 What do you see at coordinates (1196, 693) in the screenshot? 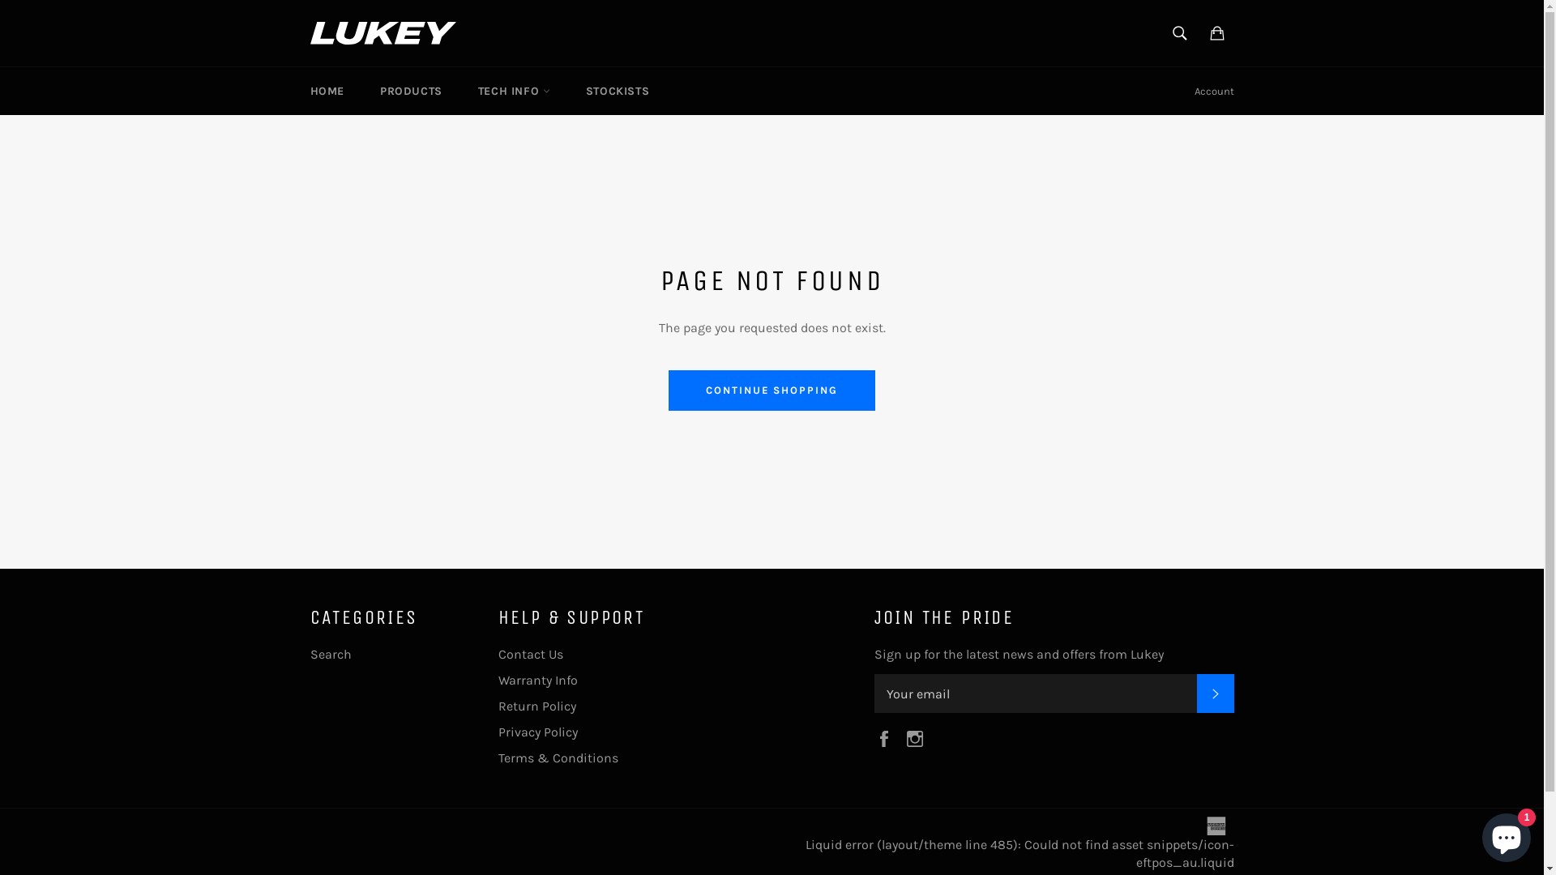
I see `'SUBSCRIBE'` at bounding box center [1196, 693].